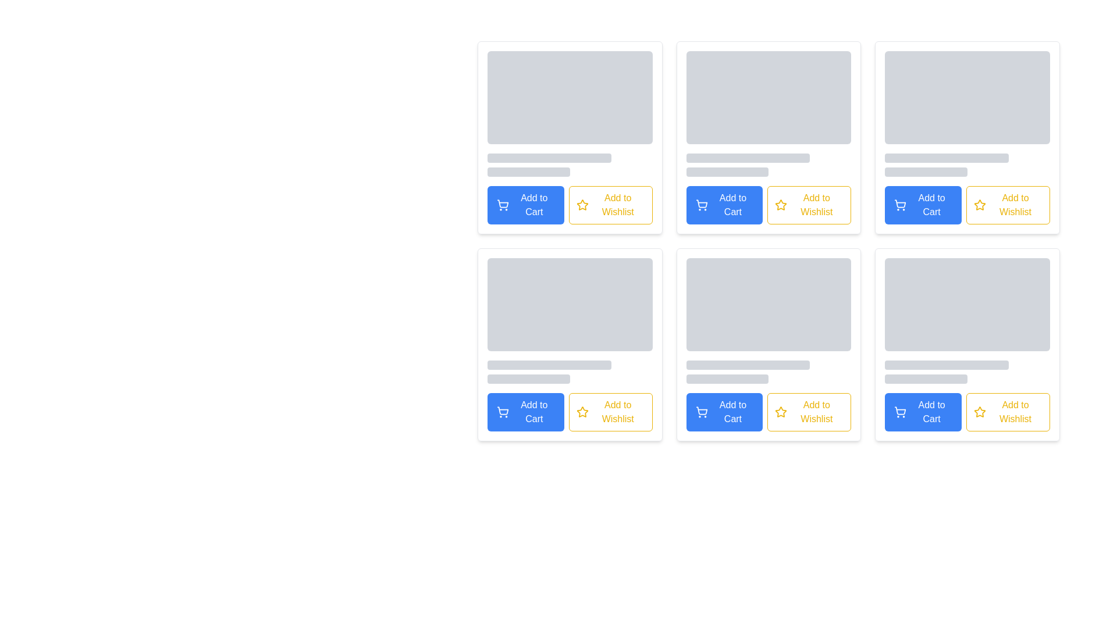 The height and width of the screenshot is (628, 1117). Describe the element at coordinates (769, 320) in the screenshot. I see `the loading placeholder or skeleton loader located at the top center of the item card, which indicates that content is being loaded` at that location.